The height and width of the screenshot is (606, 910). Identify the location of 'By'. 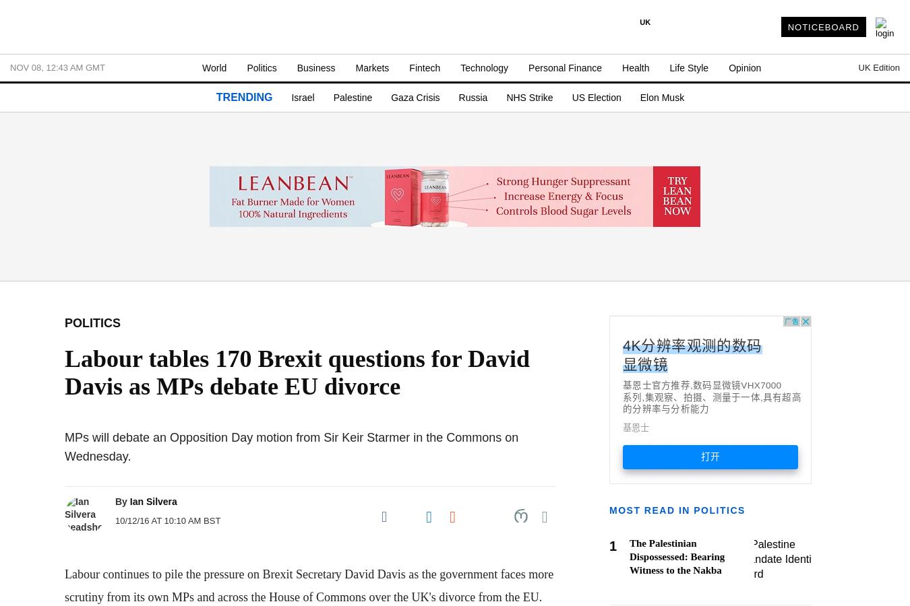
(115, 500).